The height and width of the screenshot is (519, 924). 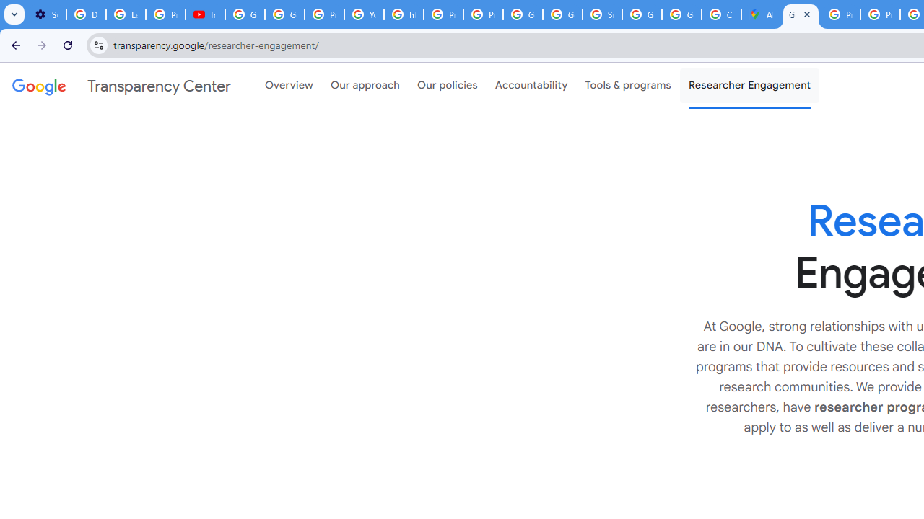 I want to click on 'Delete photos & videos - Computer - Google Photos Help', so click(x=85, y=14).